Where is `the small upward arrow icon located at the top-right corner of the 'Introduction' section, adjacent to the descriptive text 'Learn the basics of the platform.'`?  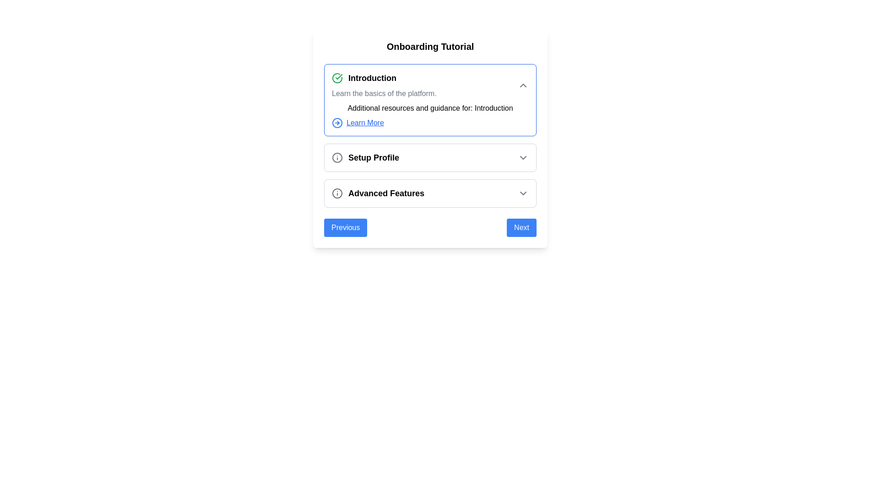
the small upward arrow icon located at the top-right corner of the 'Introduction' section, adjacent to the descriptive text 'Learn the basics of the platform.' is located at coordinates (523, 85).